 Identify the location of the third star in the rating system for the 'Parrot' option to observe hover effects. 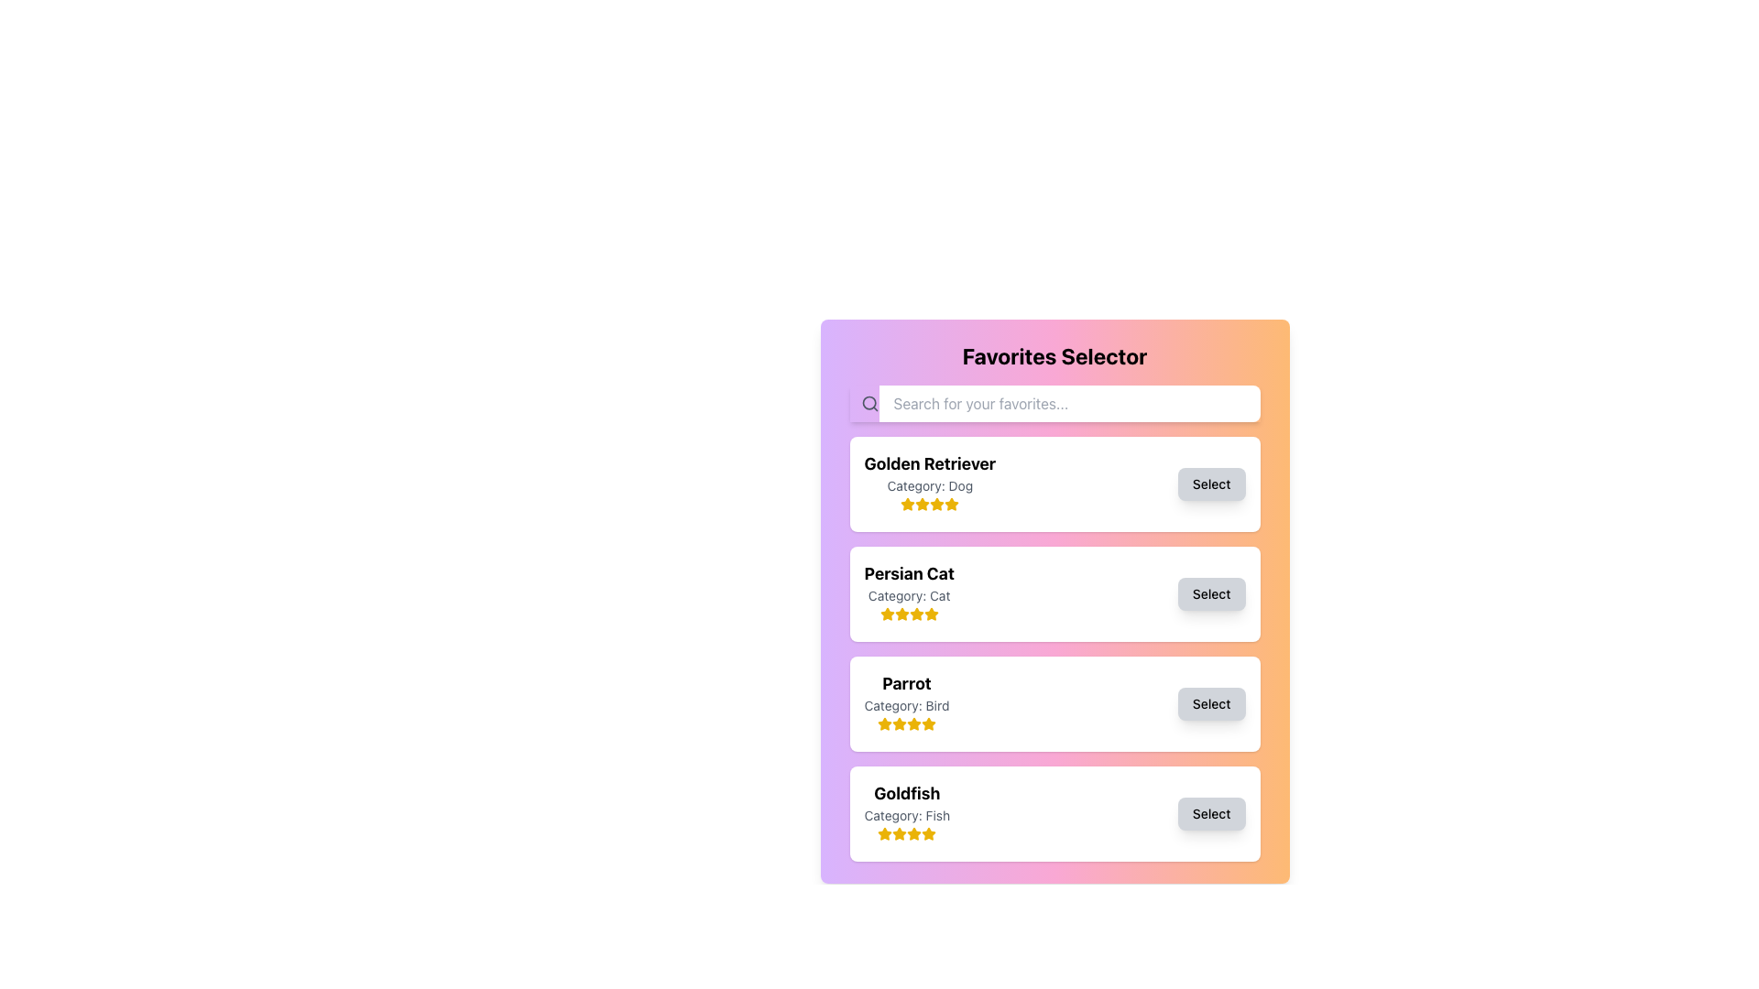
(914, 723).